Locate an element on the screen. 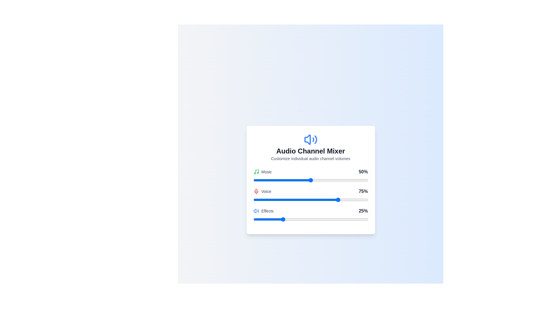  effects volume is located at coordinates (338, 219).